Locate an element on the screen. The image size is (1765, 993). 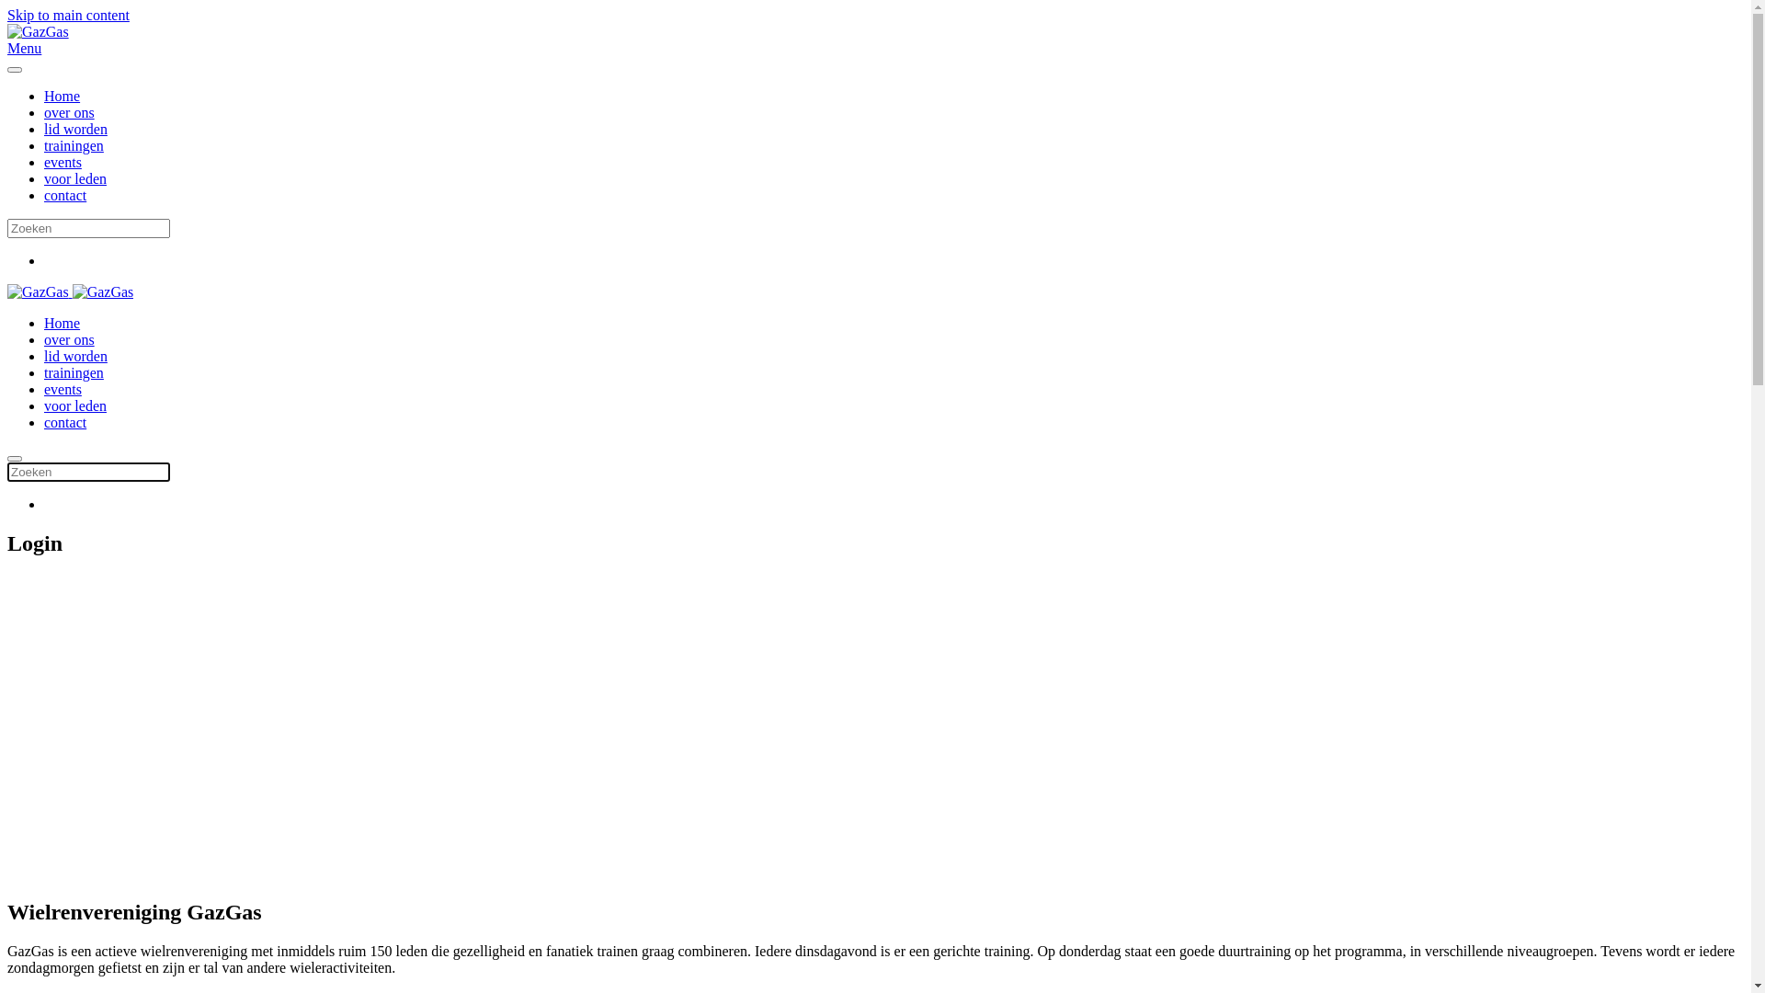
'lid worden' is located at coordinates (74, 356).